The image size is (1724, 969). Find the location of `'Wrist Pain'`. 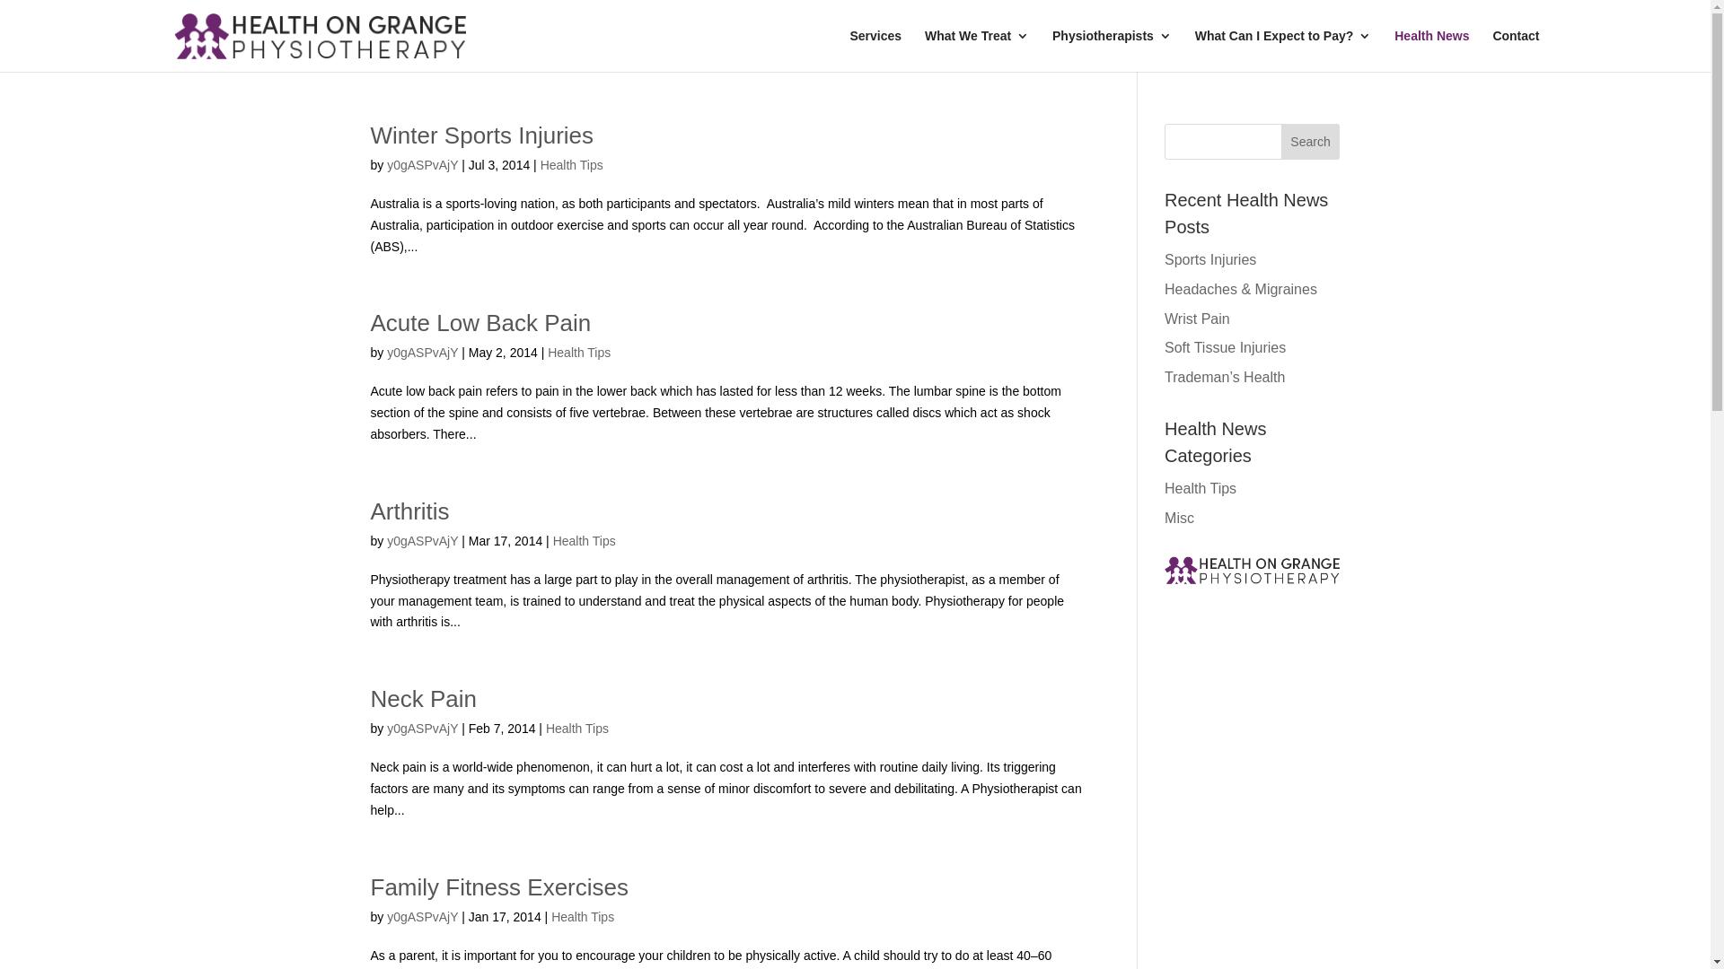

'Wrist Pain' is located at coordinates (1197, 318).